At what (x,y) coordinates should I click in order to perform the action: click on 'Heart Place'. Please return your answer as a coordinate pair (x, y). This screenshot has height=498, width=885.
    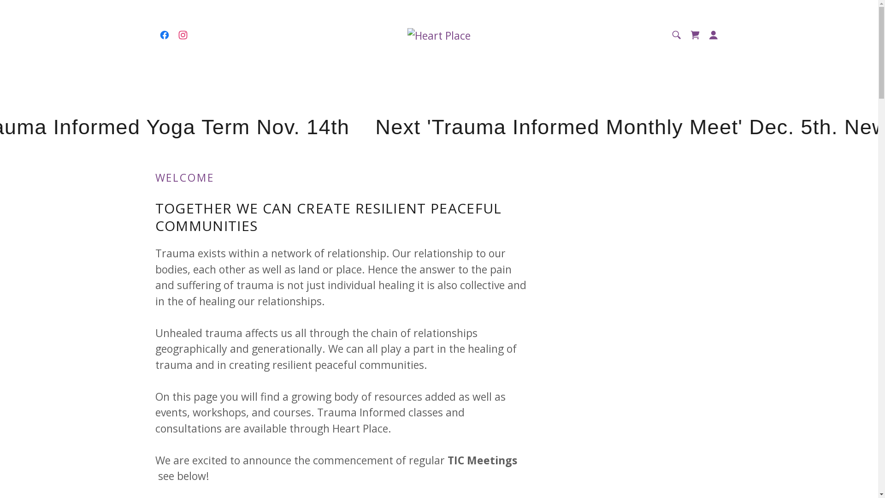
    Looking at the image, I should click on (438, 34).